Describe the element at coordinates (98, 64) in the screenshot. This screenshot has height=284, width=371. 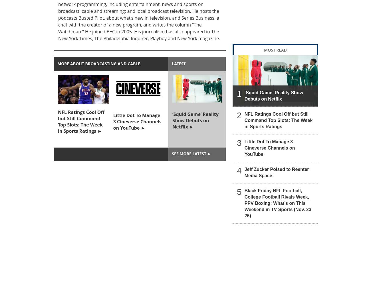
I see `'More about broadcasting and cable'` at that location.